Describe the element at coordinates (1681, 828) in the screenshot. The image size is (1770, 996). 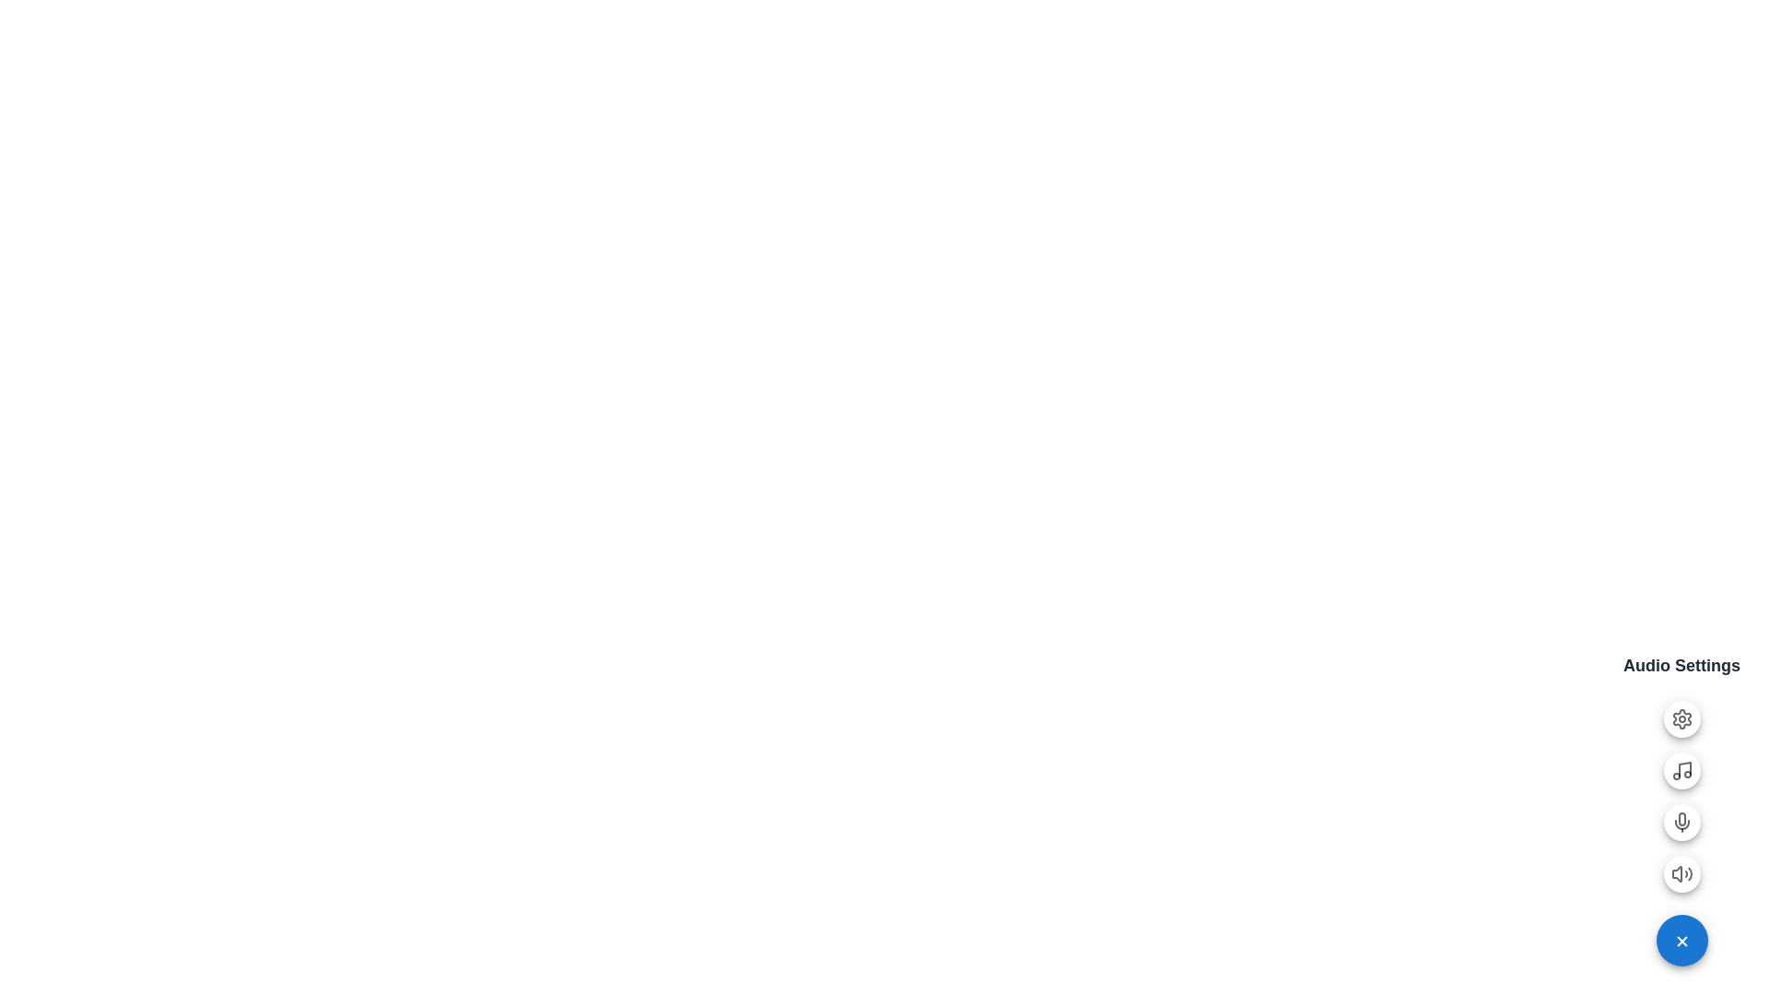
I see `the round microphone button located in the vertical action menu under 'Audio Settings' for navigation interactions` at that location.